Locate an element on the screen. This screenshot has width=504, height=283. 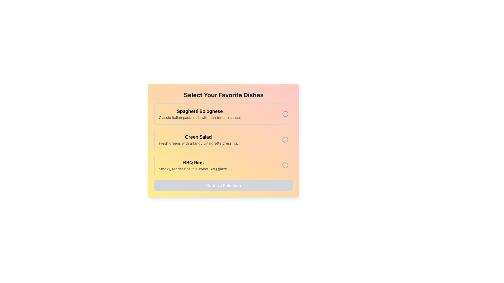
the selectable menu list item with the highlighted title 'Green Salad' and its accompanying radio button is located at coordinates (223, 139).